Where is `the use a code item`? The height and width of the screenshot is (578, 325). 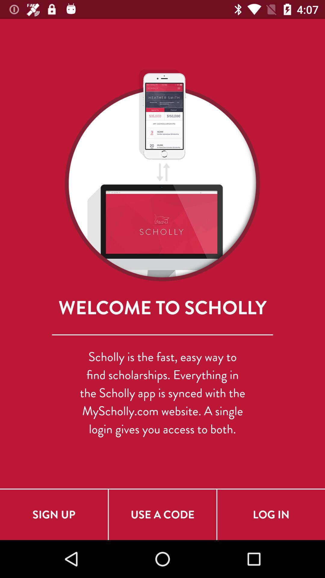
the use a code item is located at coordinates (162, 514).